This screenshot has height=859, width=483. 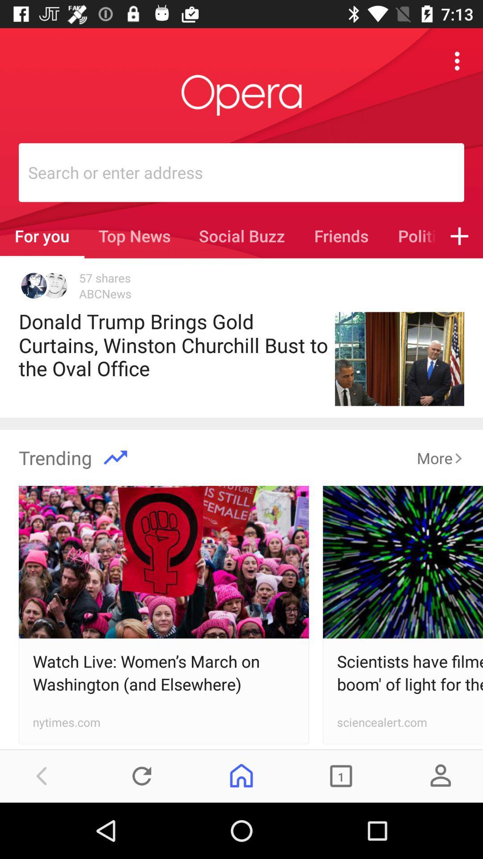 I want to click on icon next to politics icon, so click(x=459, y=236).